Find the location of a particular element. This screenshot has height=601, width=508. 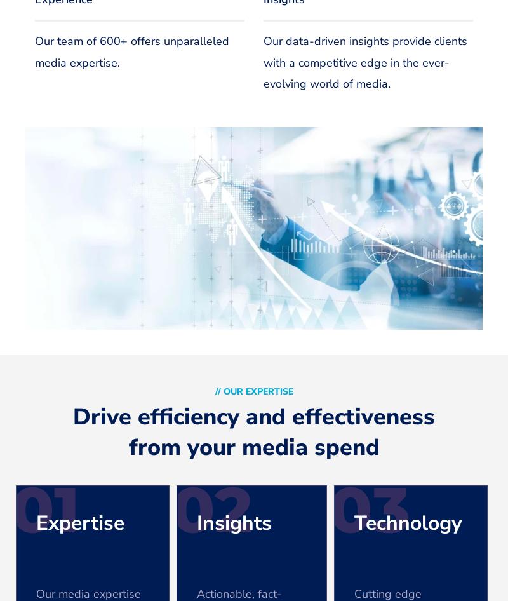

'02' is located at coordinates (170, 510).